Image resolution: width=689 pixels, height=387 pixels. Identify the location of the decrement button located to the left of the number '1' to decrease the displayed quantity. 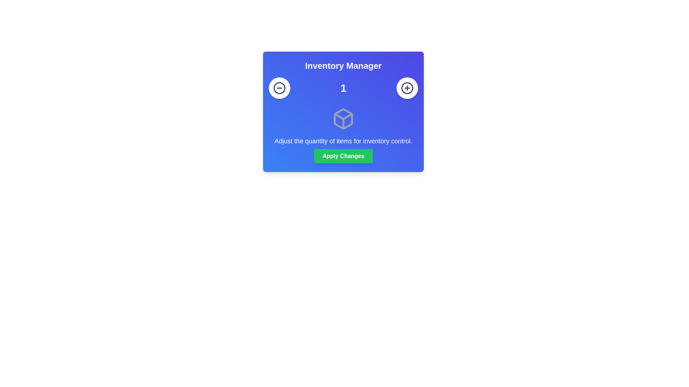
(279, 88).